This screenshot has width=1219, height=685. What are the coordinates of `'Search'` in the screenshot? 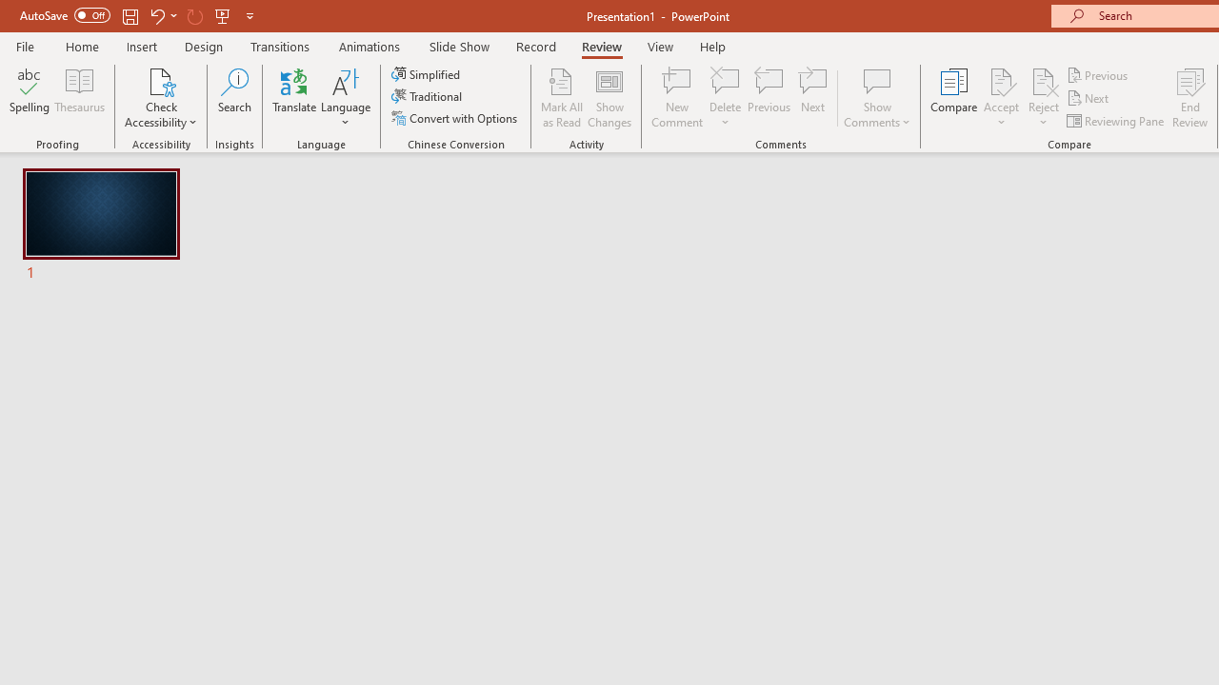 It's located at (234, 98).